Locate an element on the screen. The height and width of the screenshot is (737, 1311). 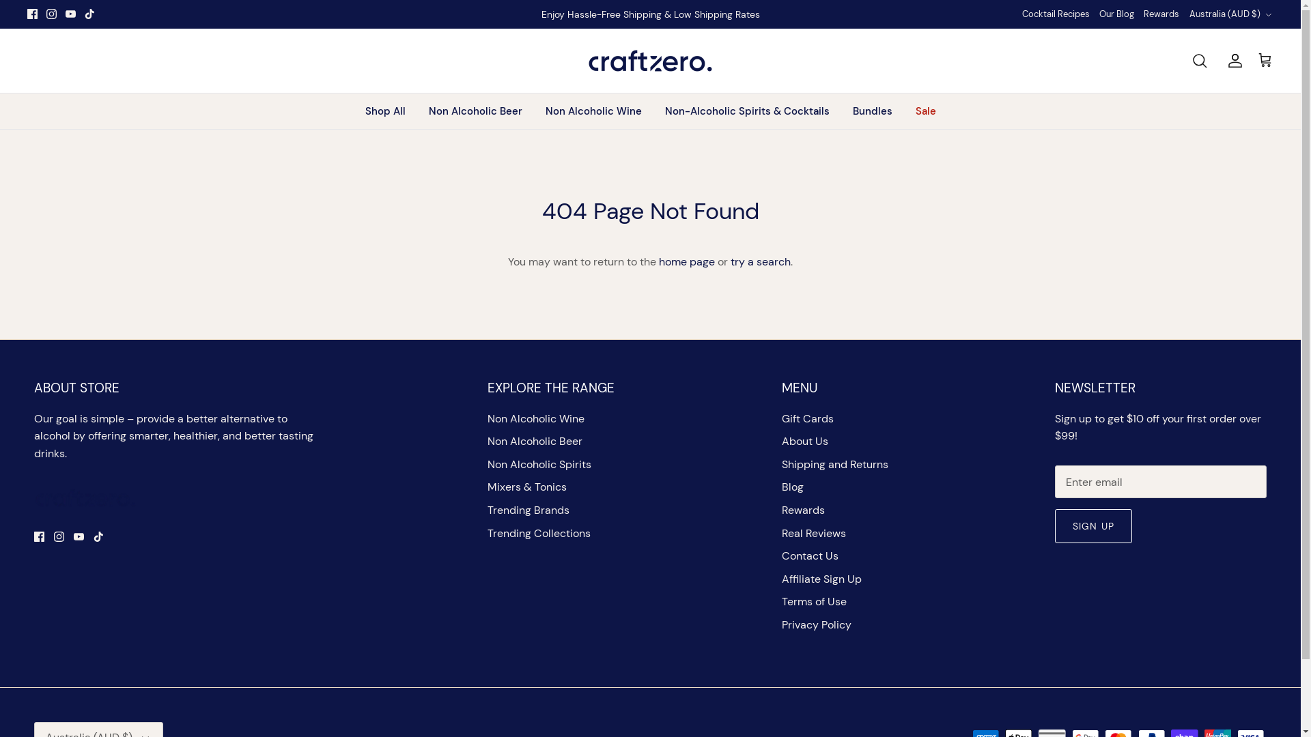
'Craftzero' is located at coordinates (649, 59).